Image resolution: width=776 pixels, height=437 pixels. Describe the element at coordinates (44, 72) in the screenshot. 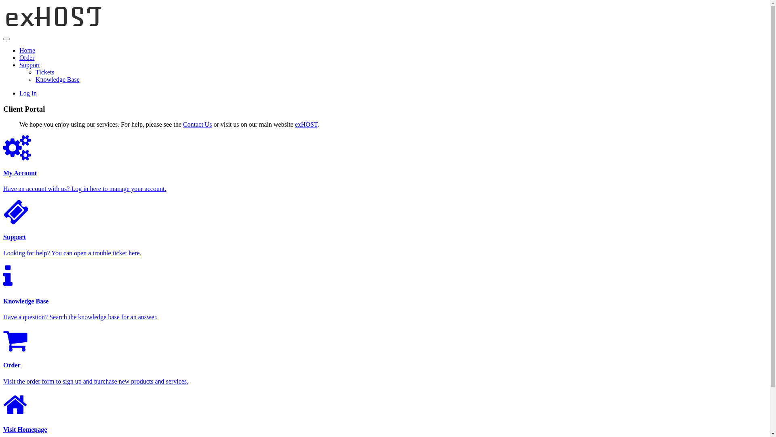

I see `'Tickets'` at that location.